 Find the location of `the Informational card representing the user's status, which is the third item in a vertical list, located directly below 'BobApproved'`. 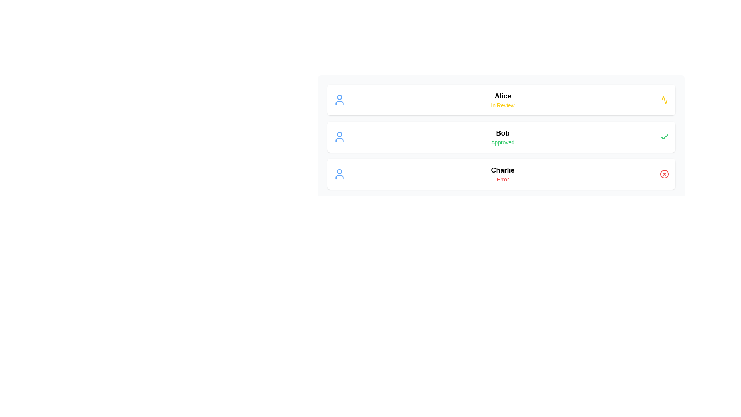

the Informational card representing the user's status, which is the third item in a vertical list, located directly below 'BobApproved' is located at coordinates (501, 174).